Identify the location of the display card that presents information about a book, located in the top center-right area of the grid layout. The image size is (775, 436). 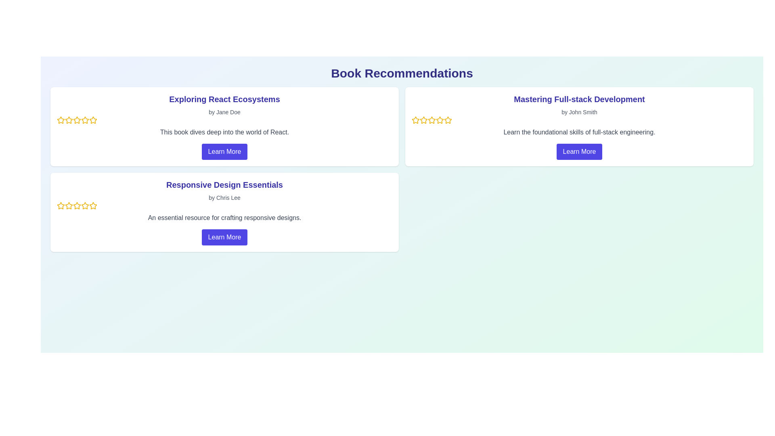
(579, 126).